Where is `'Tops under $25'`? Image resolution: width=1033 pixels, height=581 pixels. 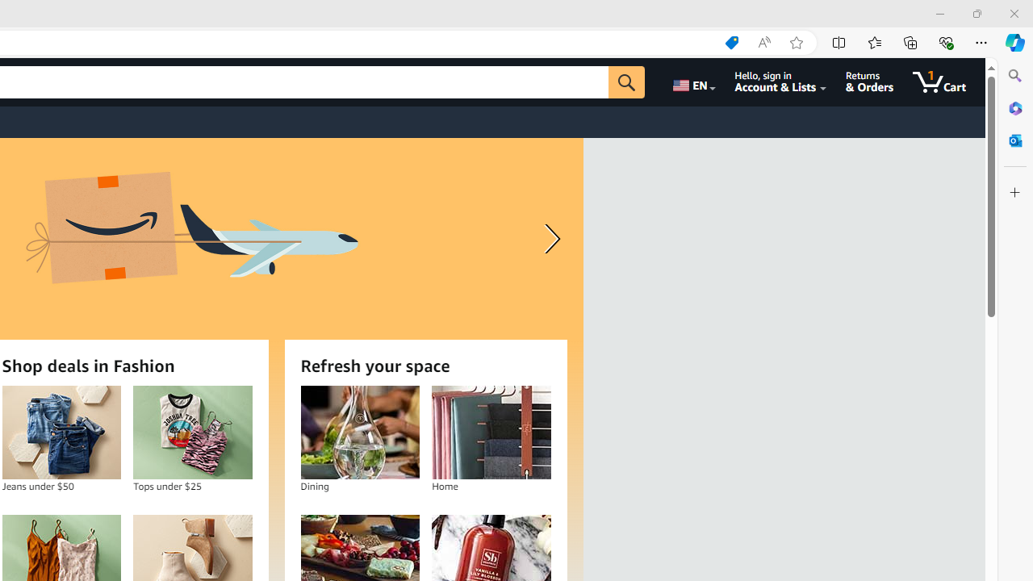 'Tops under $25' is located at coordinates (193, 432).